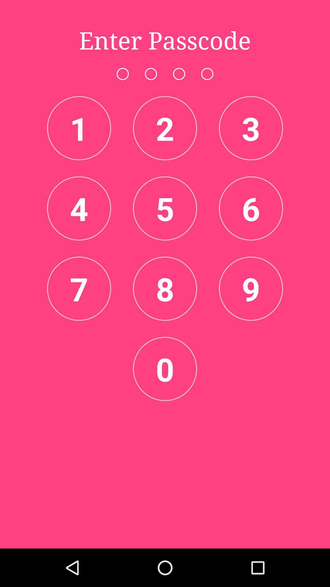 The height and width of the screenshot is (587, 330). Describe the element at coordinates (251, 208) in the screenshot. I see `the 6 item` at that location.